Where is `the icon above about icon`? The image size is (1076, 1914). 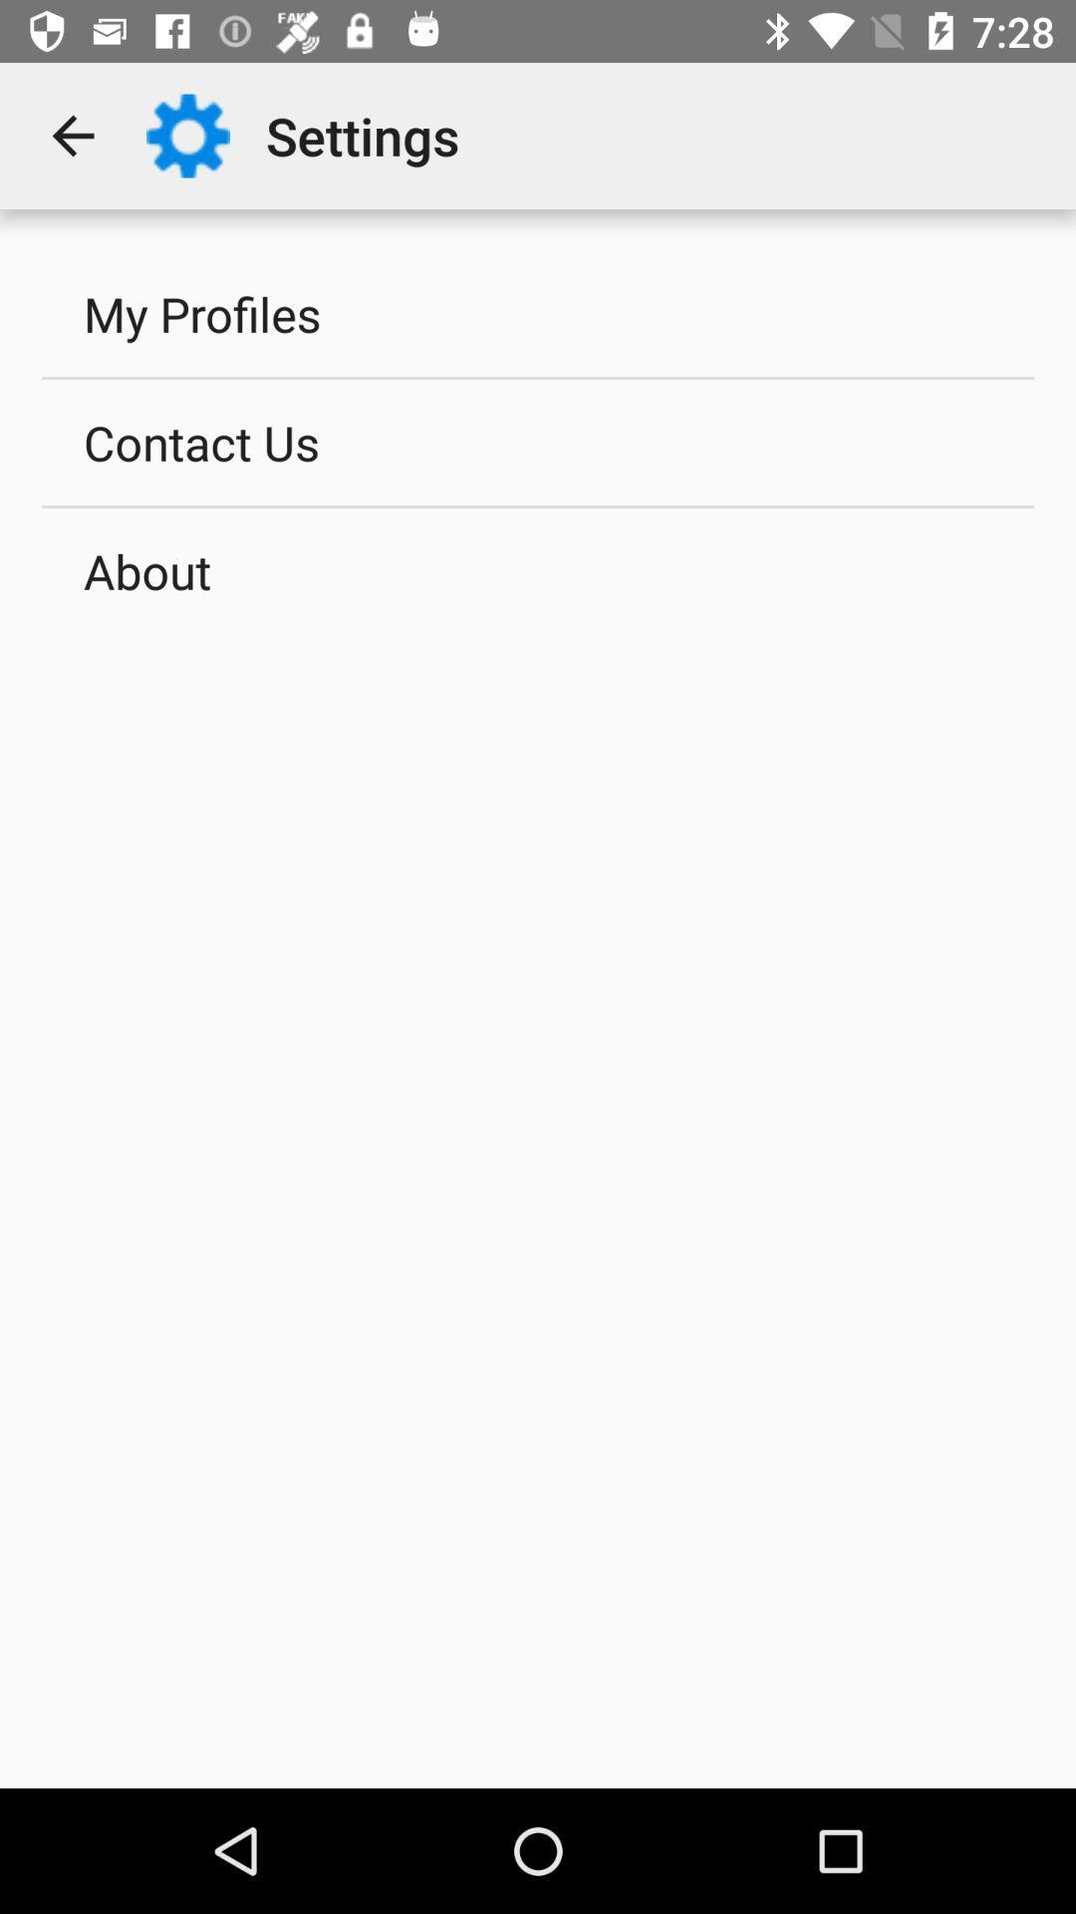
the icon above about icon is located at coordinates (538, 441).